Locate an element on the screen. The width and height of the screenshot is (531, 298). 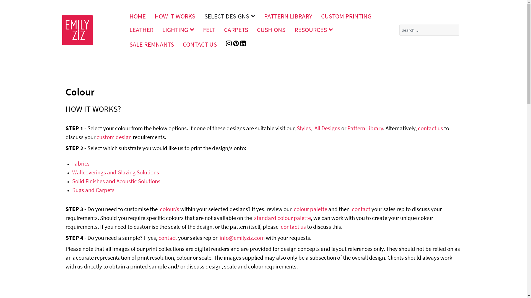
'contact us' is located at coordinates (430, 128).